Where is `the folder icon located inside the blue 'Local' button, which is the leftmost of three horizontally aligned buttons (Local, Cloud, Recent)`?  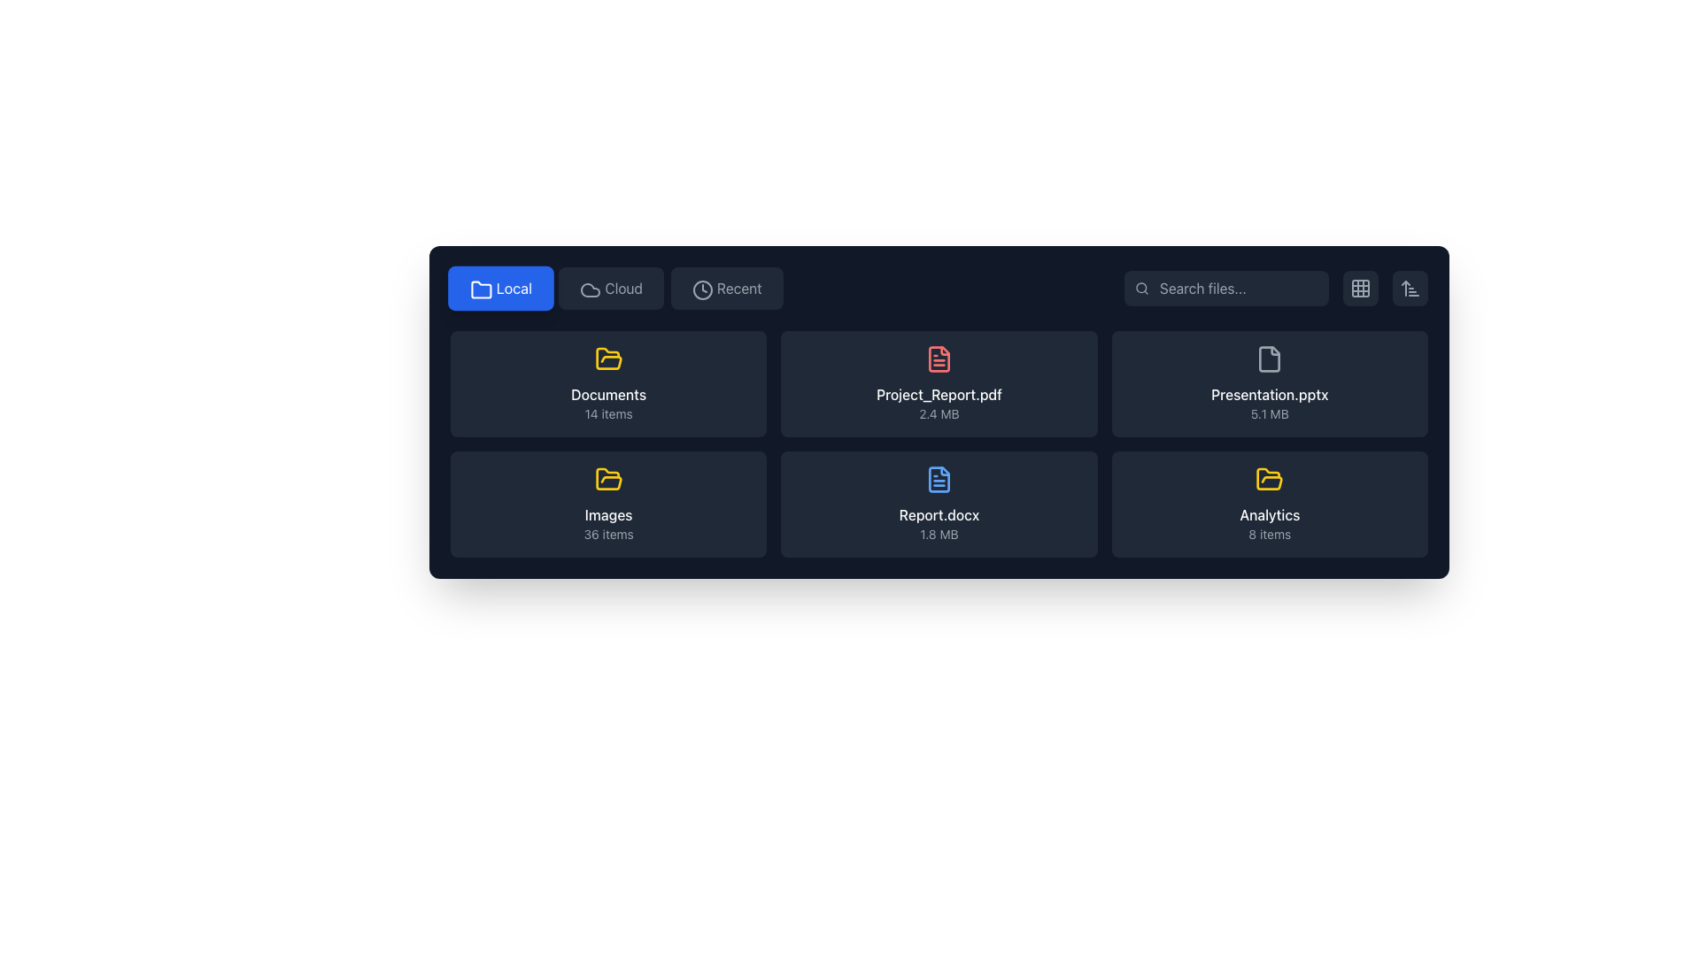
the folder icon located inside the blue 'Local' button, which is the leftmost of three horizontally aligned buttons (Local, Cloud, Recent) is located at coordinates (481, 289).